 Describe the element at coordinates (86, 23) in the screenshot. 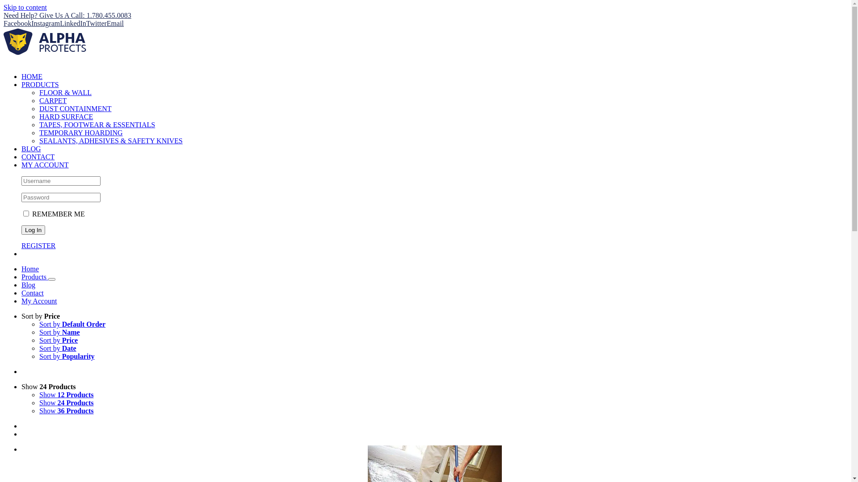

I see `'Twitter'` at that location.